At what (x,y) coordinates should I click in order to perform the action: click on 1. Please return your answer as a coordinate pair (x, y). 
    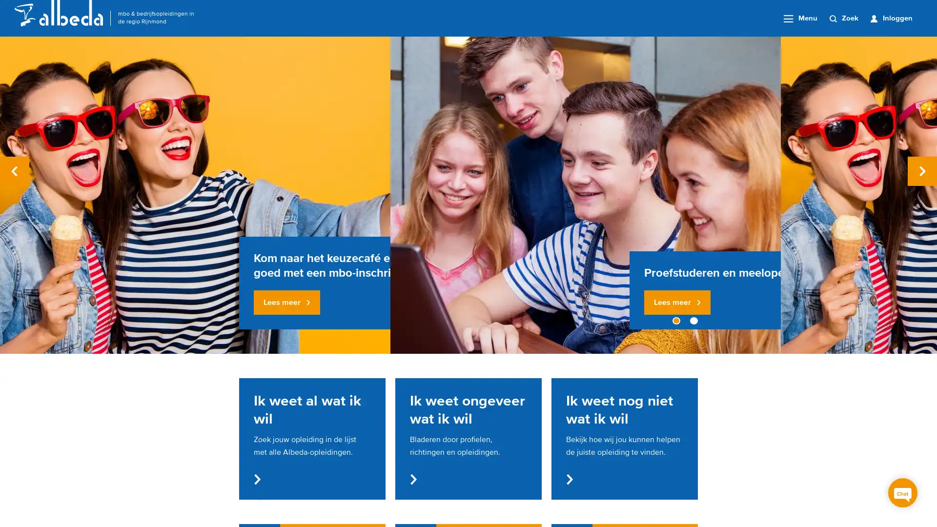
    Looking at the image, I should click on (676, 321).